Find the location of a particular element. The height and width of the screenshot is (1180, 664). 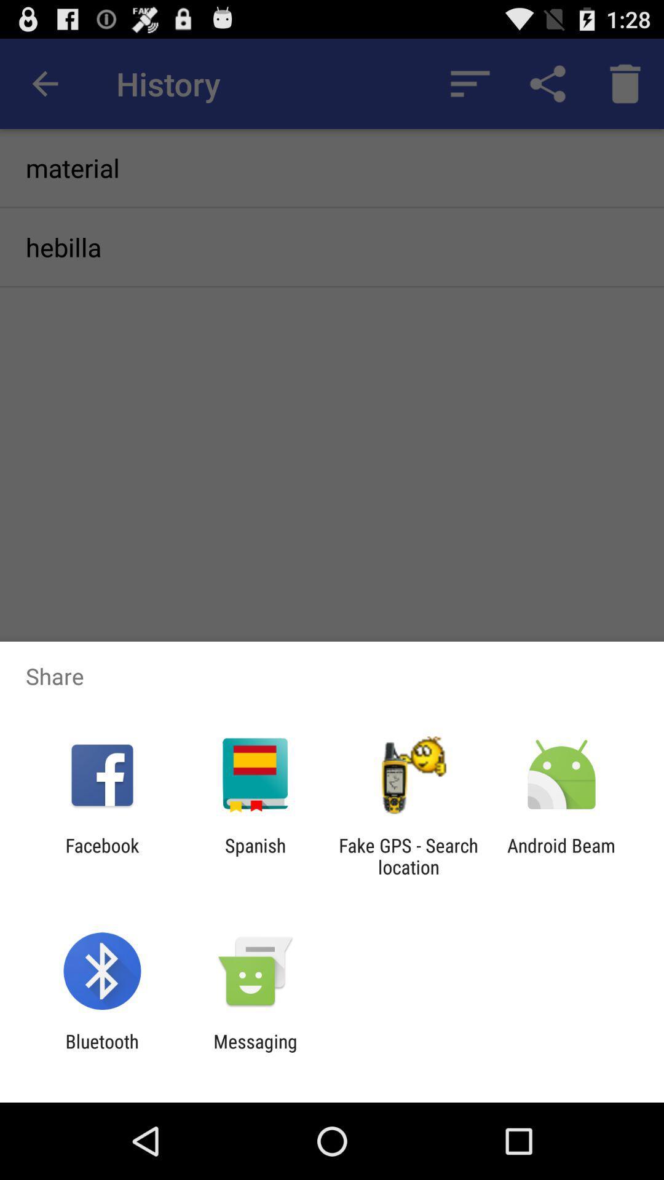

the facebook app is located at coordinates (101, 855).